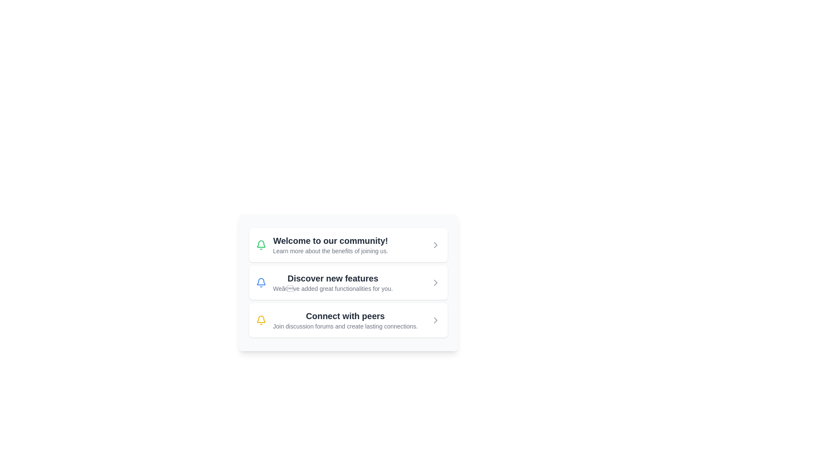 This screenshot has height=462, width=821. I want to click on the icon representing a notification or alert within the 'Connect with peers' card, located on the left side of the card, so click(260, 320).